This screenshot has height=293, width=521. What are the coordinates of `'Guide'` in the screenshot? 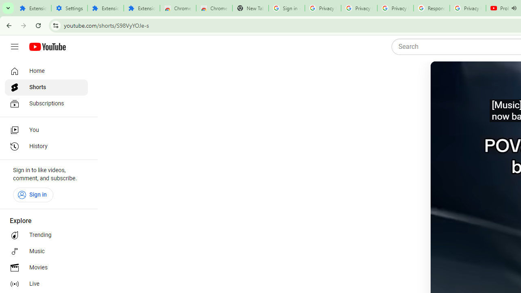 It's located at (14, 47).